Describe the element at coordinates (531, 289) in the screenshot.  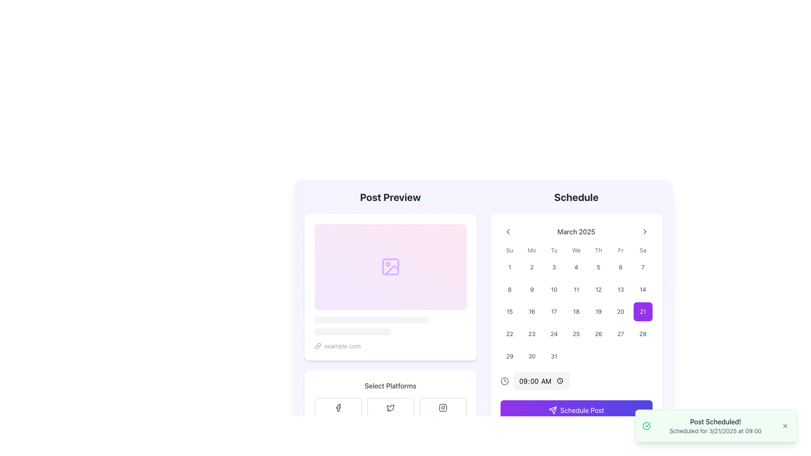
I see `the button displaying the number '9' in the calendar grid under March 2025` at that location.